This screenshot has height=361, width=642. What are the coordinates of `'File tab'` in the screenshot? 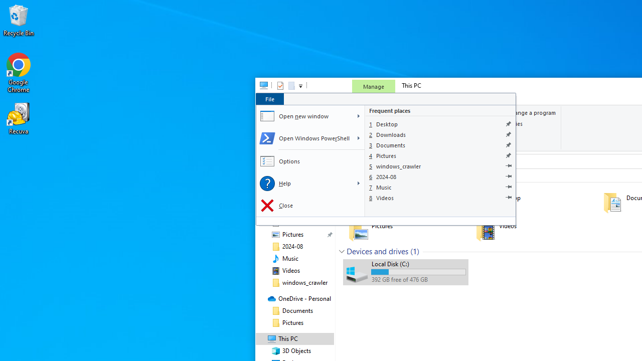 It's located at (269, 99).